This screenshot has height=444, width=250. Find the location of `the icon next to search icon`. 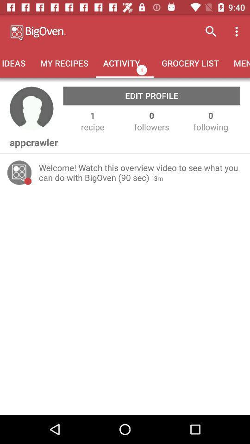

the icon next to search icon is located at coordinates (238, 31).